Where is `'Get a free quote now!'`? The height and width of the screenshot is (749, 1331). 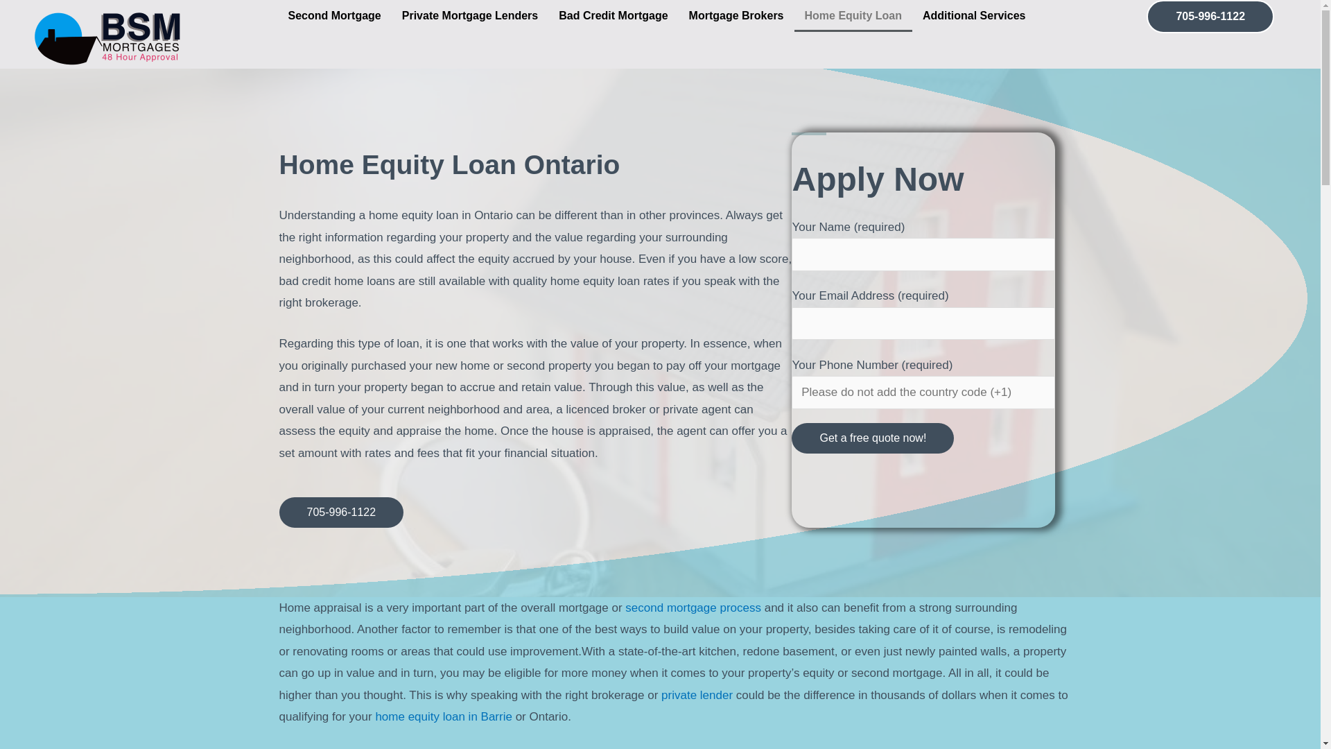 'Get a free quote now!' is located at coordinates (871, 438).